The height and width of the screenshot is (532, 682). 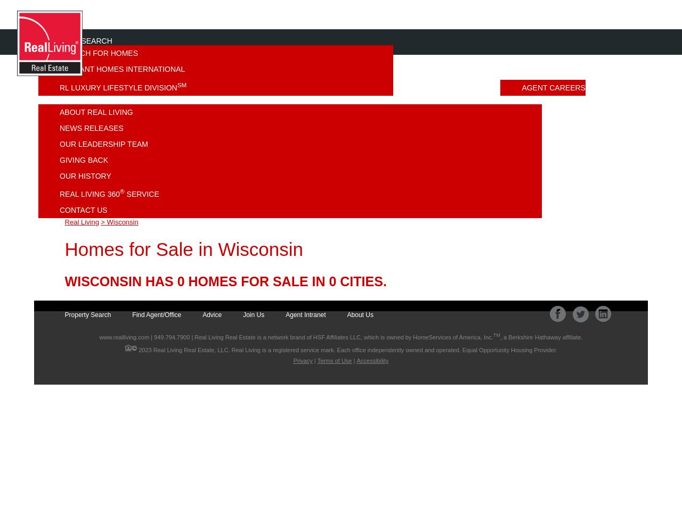 What do you see at coordinates (172, 337) in the screenshot?
I see `'949.794.7900'` at bounding box center [172, 337].